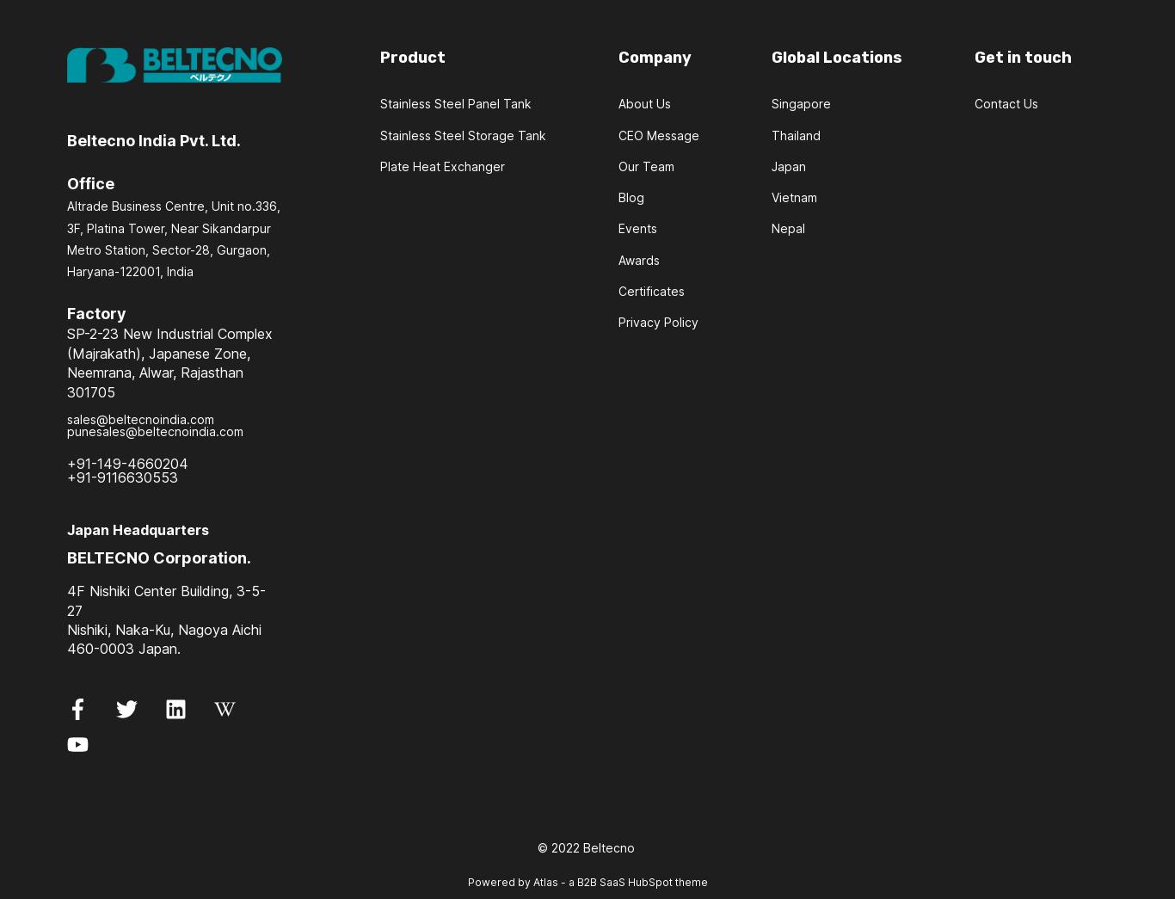  Describe the element at coordinates (413, 57) in the screenshot. I see `'Product'` at that location.